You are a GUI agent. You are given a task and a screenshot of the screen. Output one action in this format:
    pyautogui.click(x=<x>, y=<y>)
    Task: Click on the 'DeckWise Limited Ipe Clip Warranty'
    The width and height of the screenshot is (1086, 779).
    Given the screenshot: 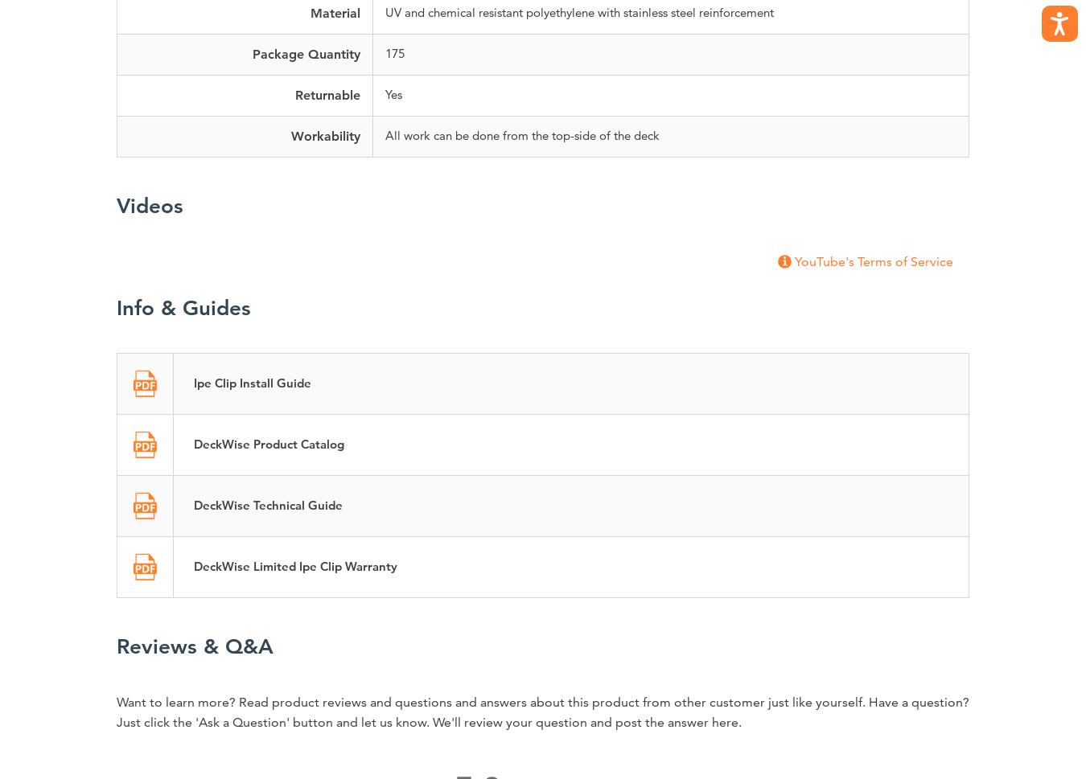 What is the action you would take?
    pyautogui.click(x=295, y=565)
    